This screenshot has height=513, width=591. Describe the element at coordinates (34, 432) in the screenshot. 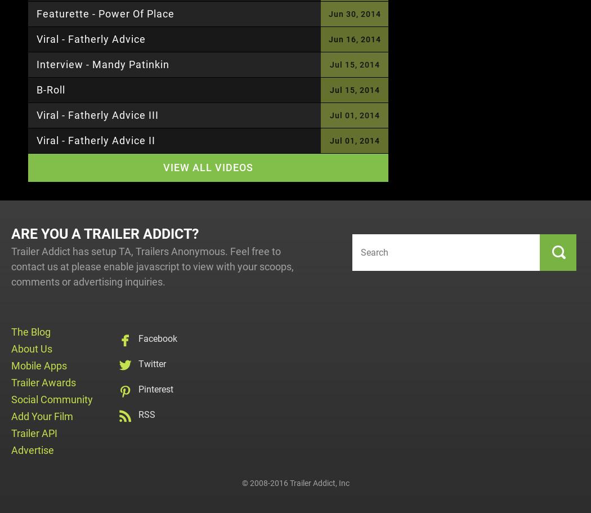

I see `'Trailer API'` at that location.